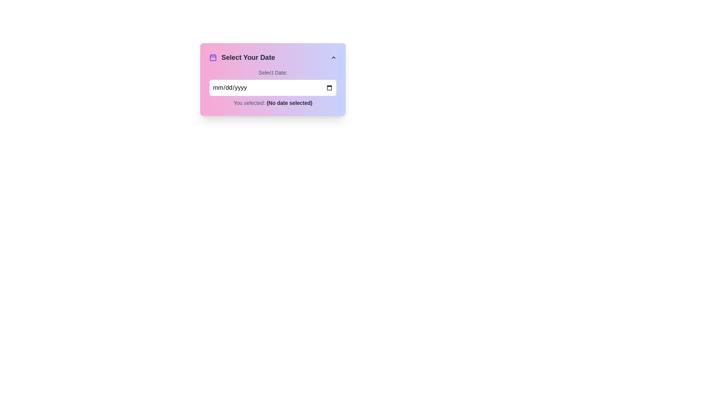 The height and width of the screenshot is (409, 728). What do you see at coordinates (273, 87) in the screenshot?
I see `the input field within the Composite component for date selection located beneath the 'Select Your Date' header` at bounding box center [273, 87].